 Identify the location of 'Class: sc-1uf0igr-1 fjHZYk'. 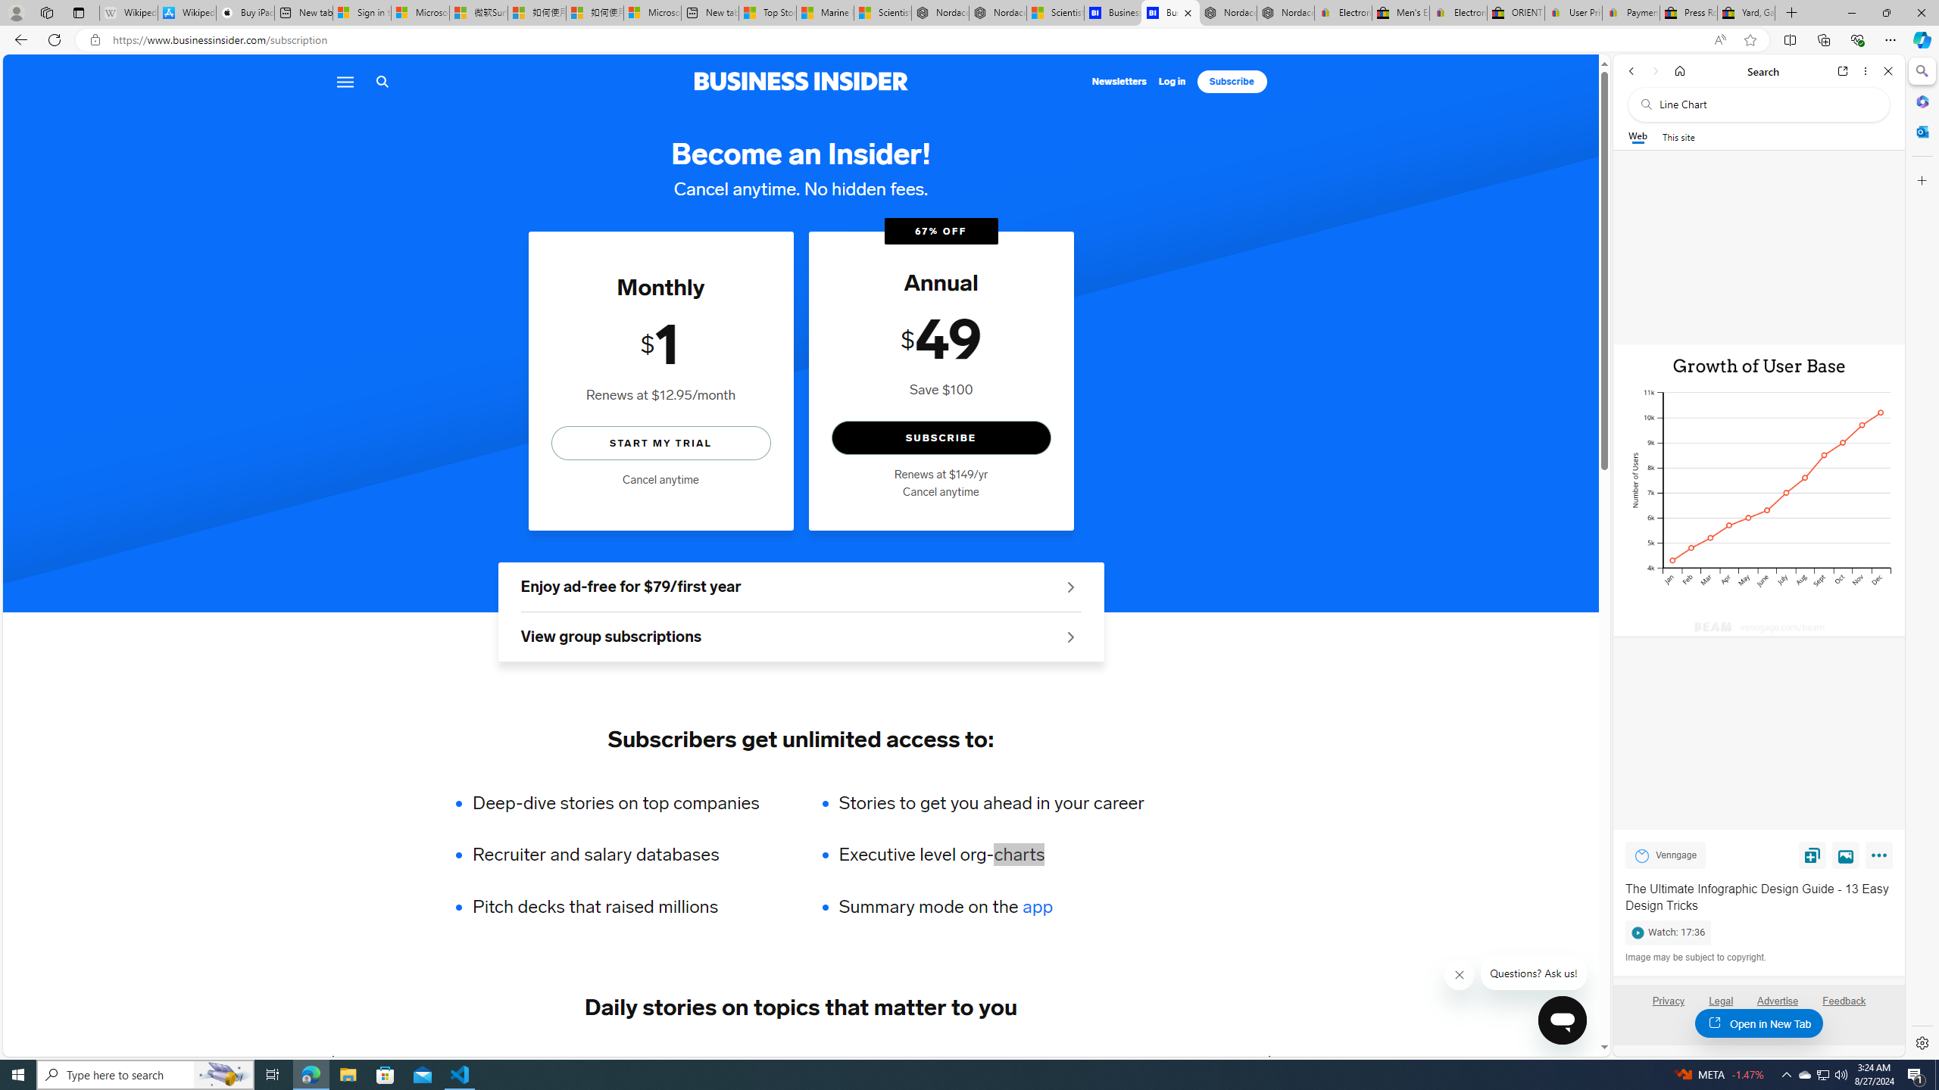
(1460, 974).